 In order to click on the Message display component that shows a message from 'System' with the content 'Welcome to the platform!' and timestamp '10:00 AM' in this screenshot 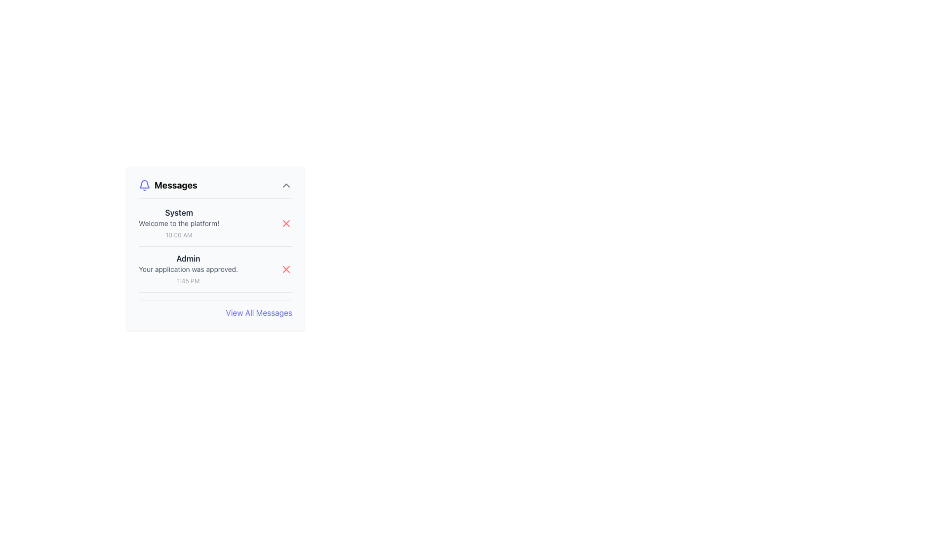, I will do `click(179, 223)`.